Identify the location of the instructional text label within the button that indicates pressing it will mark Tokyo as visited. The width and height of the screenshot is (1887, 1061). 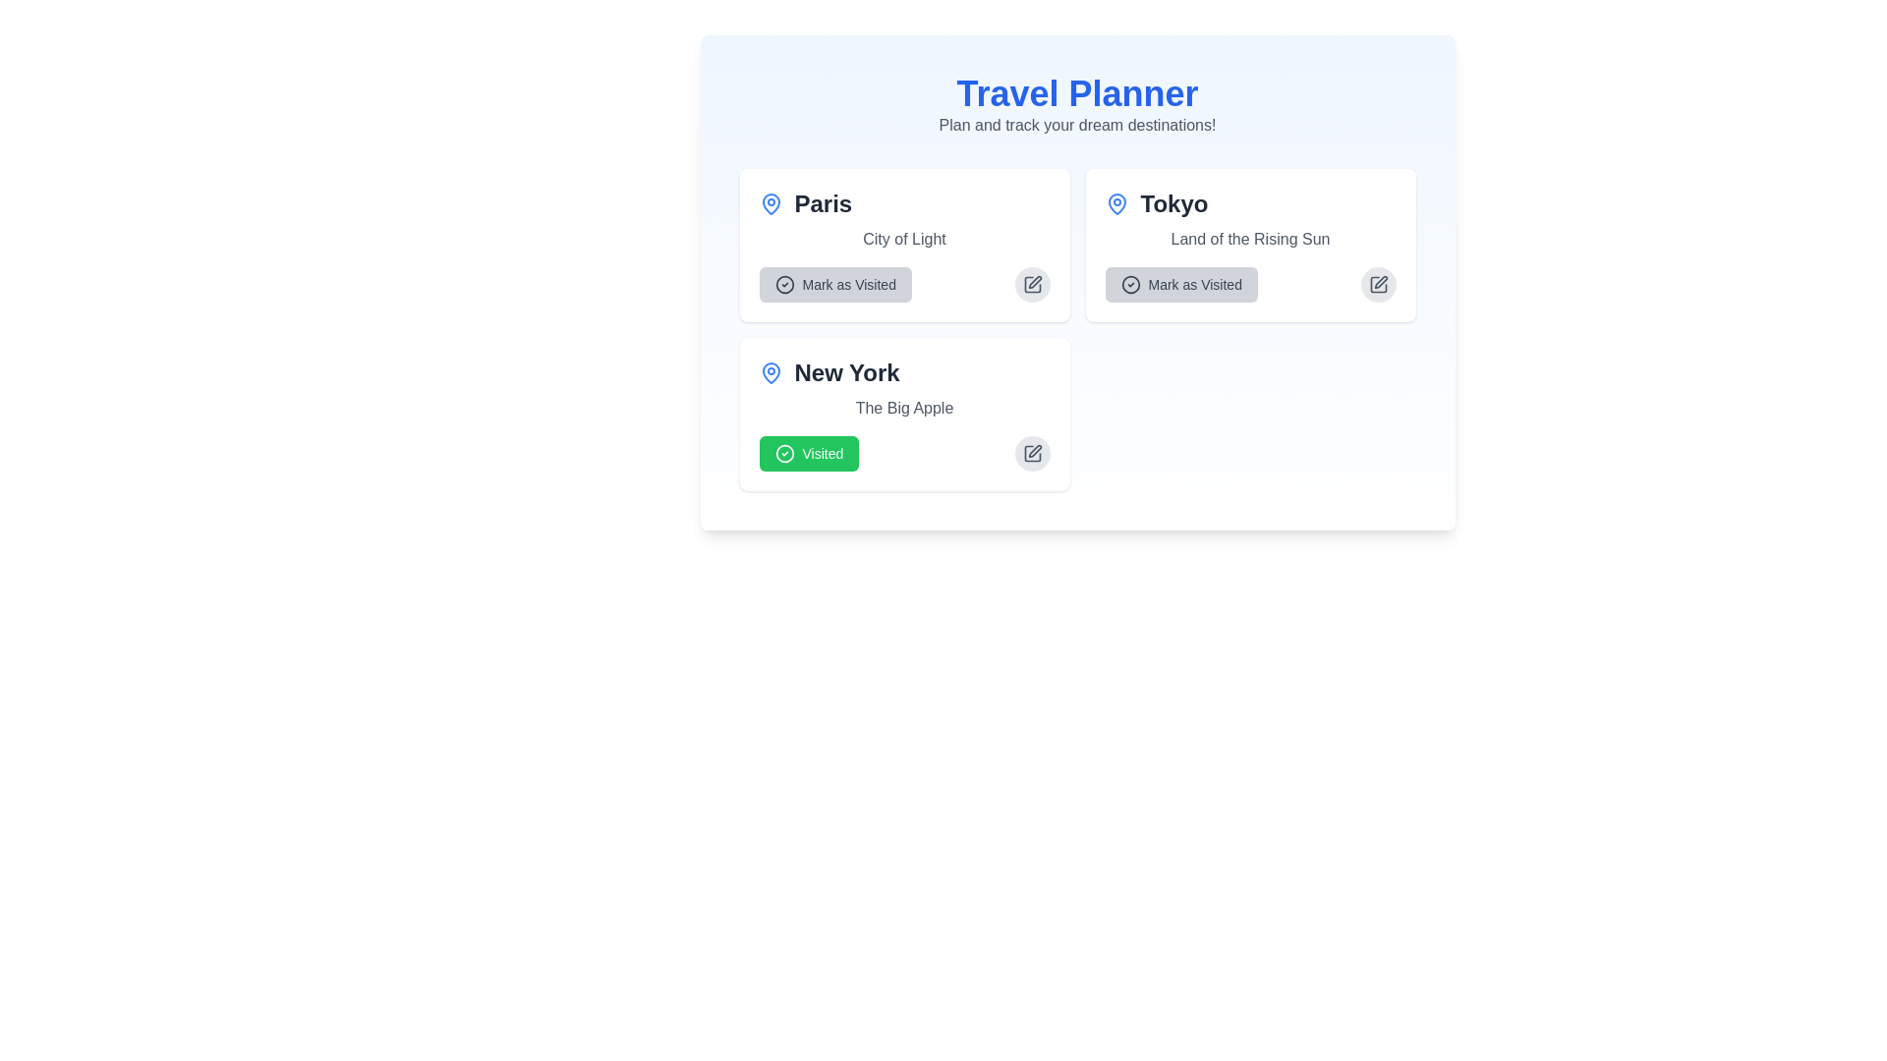
(1194, 284).